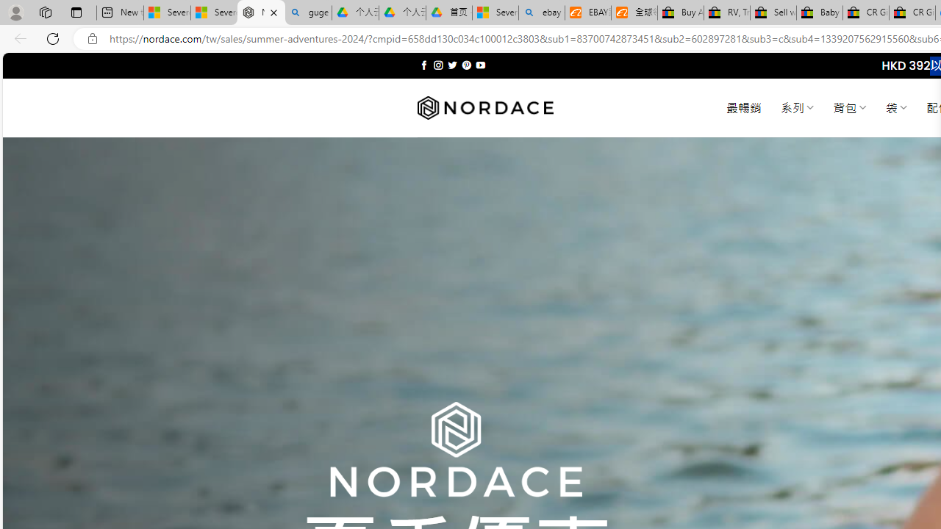  I want to click on 'Sell worldwide with eBay', so click(773, 12).